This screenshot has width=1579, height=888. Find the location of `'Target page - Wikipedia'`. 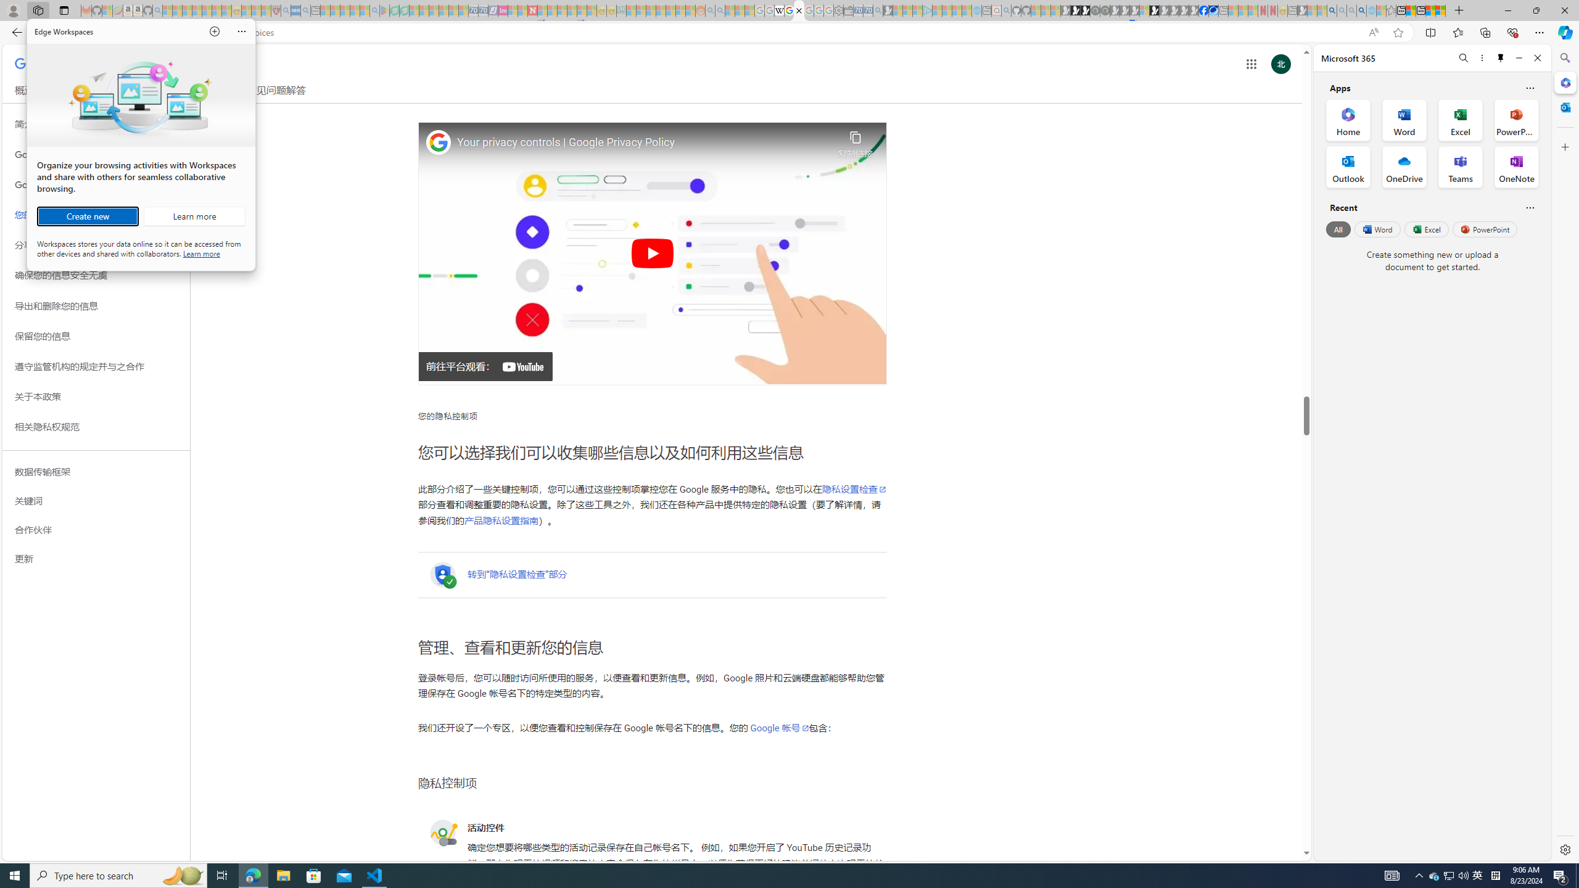

'Target page - Wikipedia' is located at coordinates (779, 10).